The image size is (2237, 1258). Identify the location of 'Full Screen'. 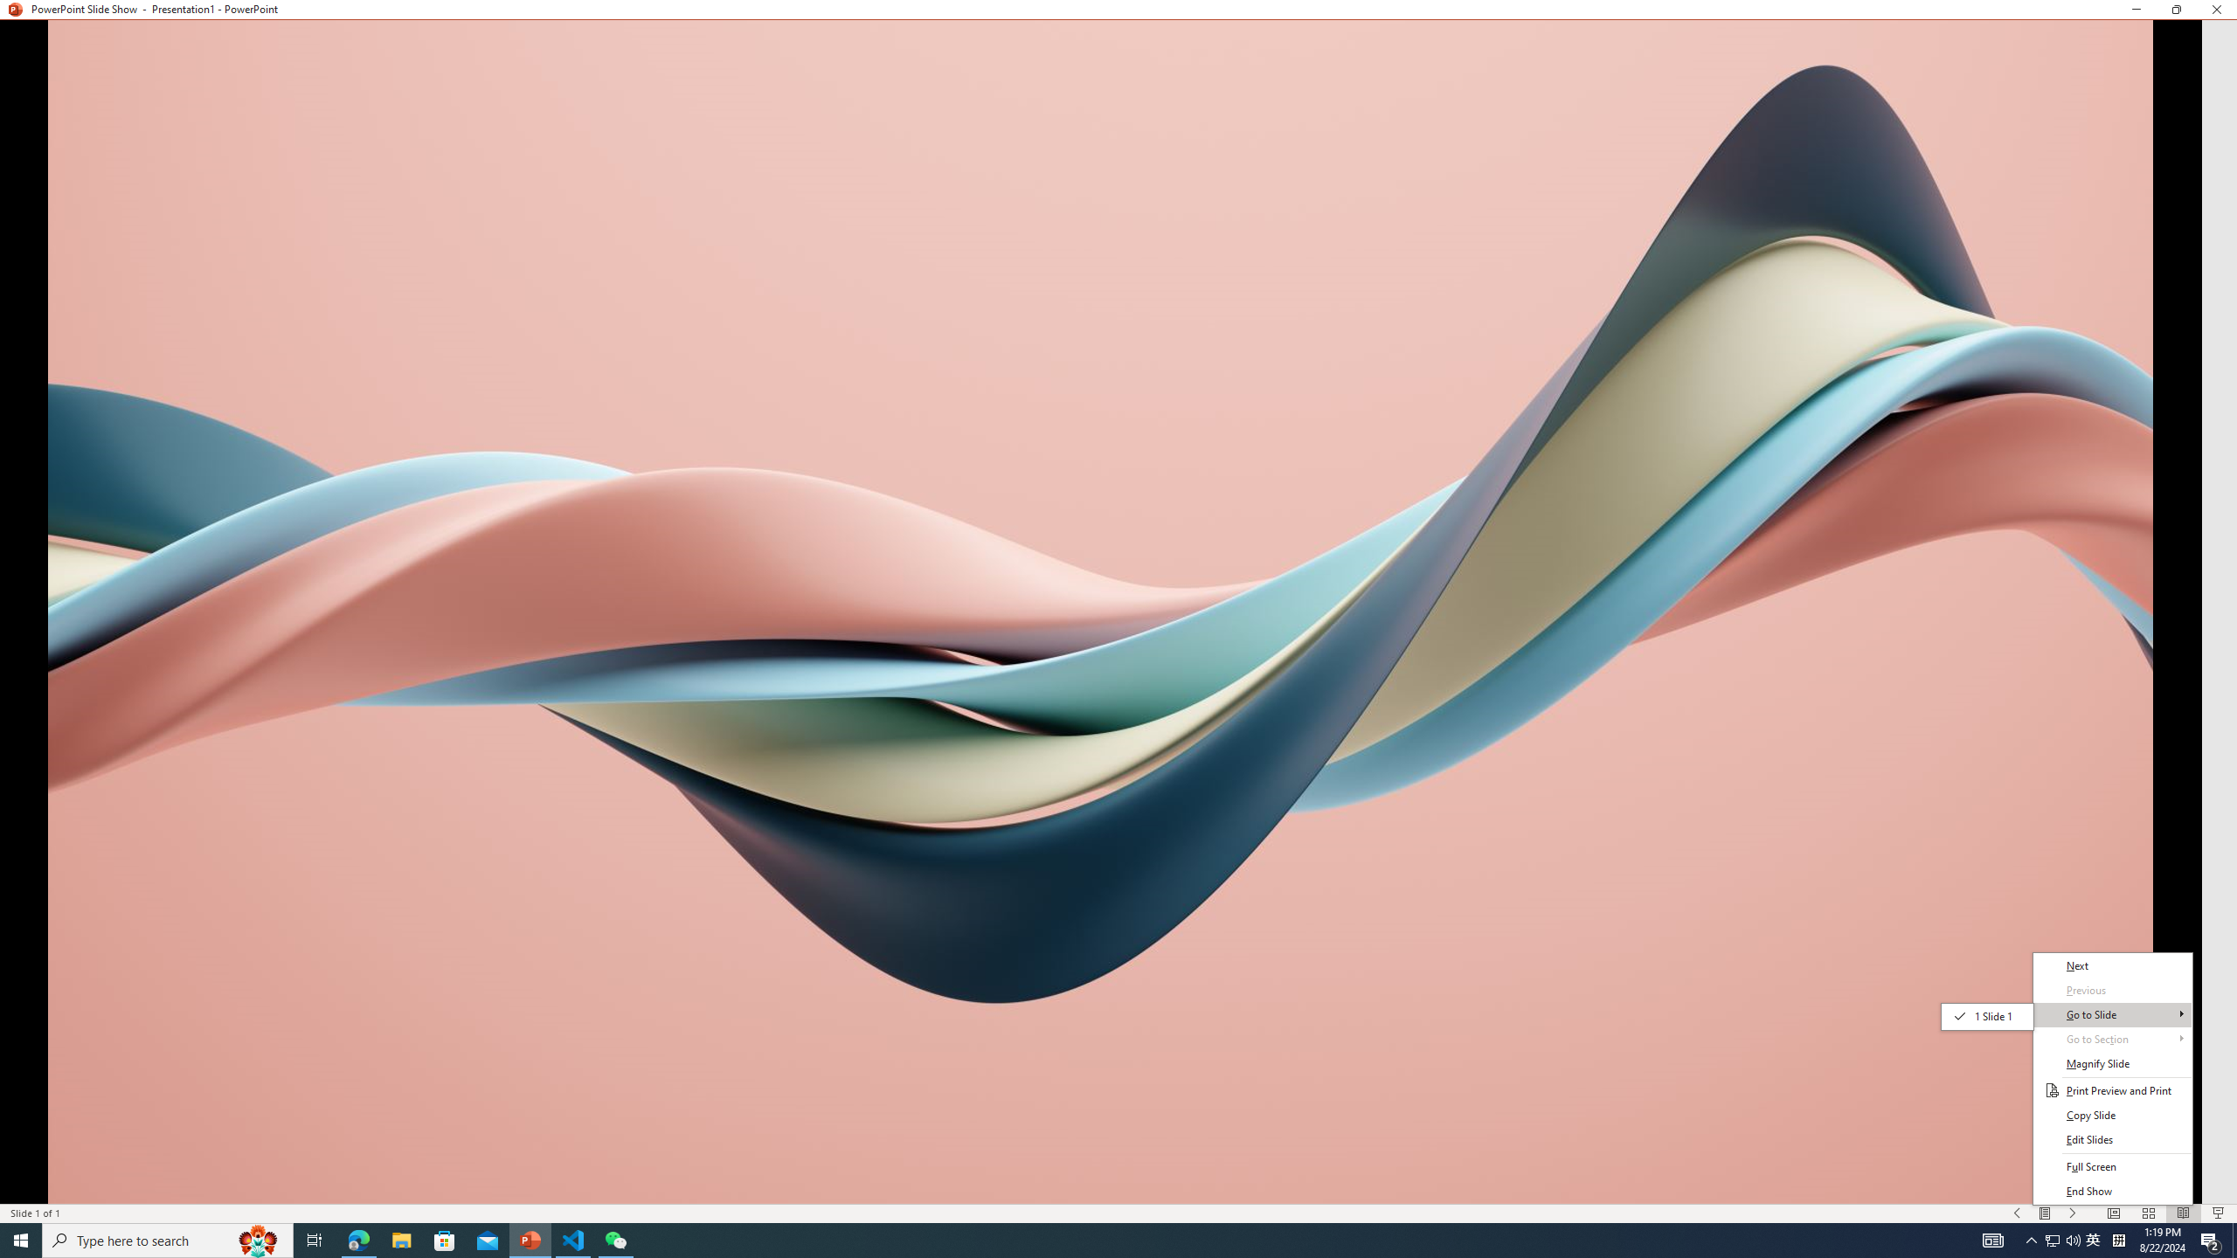
(2112, 1167).